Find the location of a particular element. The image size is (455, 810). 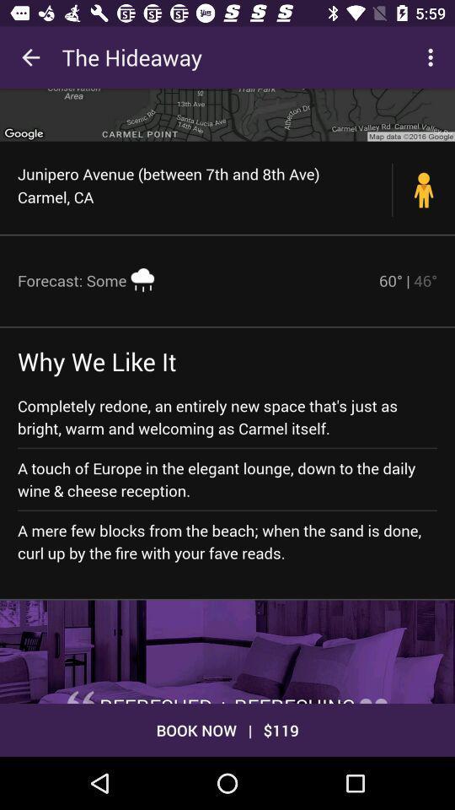

the item at the bottom left corner is located at coordinates (80, 697).